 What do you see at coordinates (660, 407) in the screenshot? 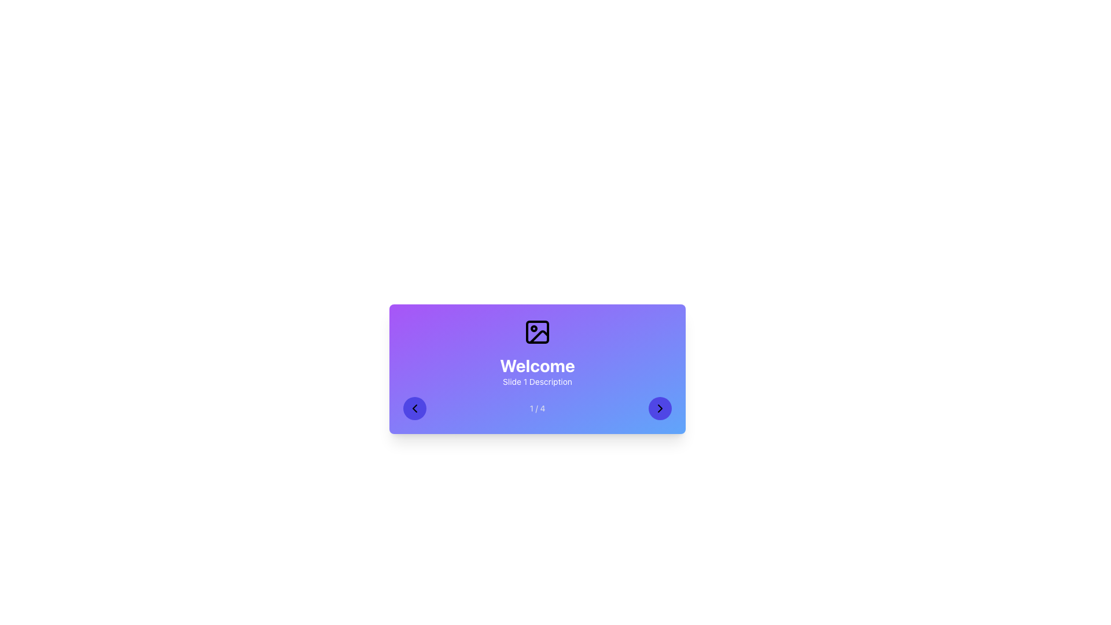
I see `the circular button with a dark purple background and a right-pointing chevron` at bounding box center [660, 407].